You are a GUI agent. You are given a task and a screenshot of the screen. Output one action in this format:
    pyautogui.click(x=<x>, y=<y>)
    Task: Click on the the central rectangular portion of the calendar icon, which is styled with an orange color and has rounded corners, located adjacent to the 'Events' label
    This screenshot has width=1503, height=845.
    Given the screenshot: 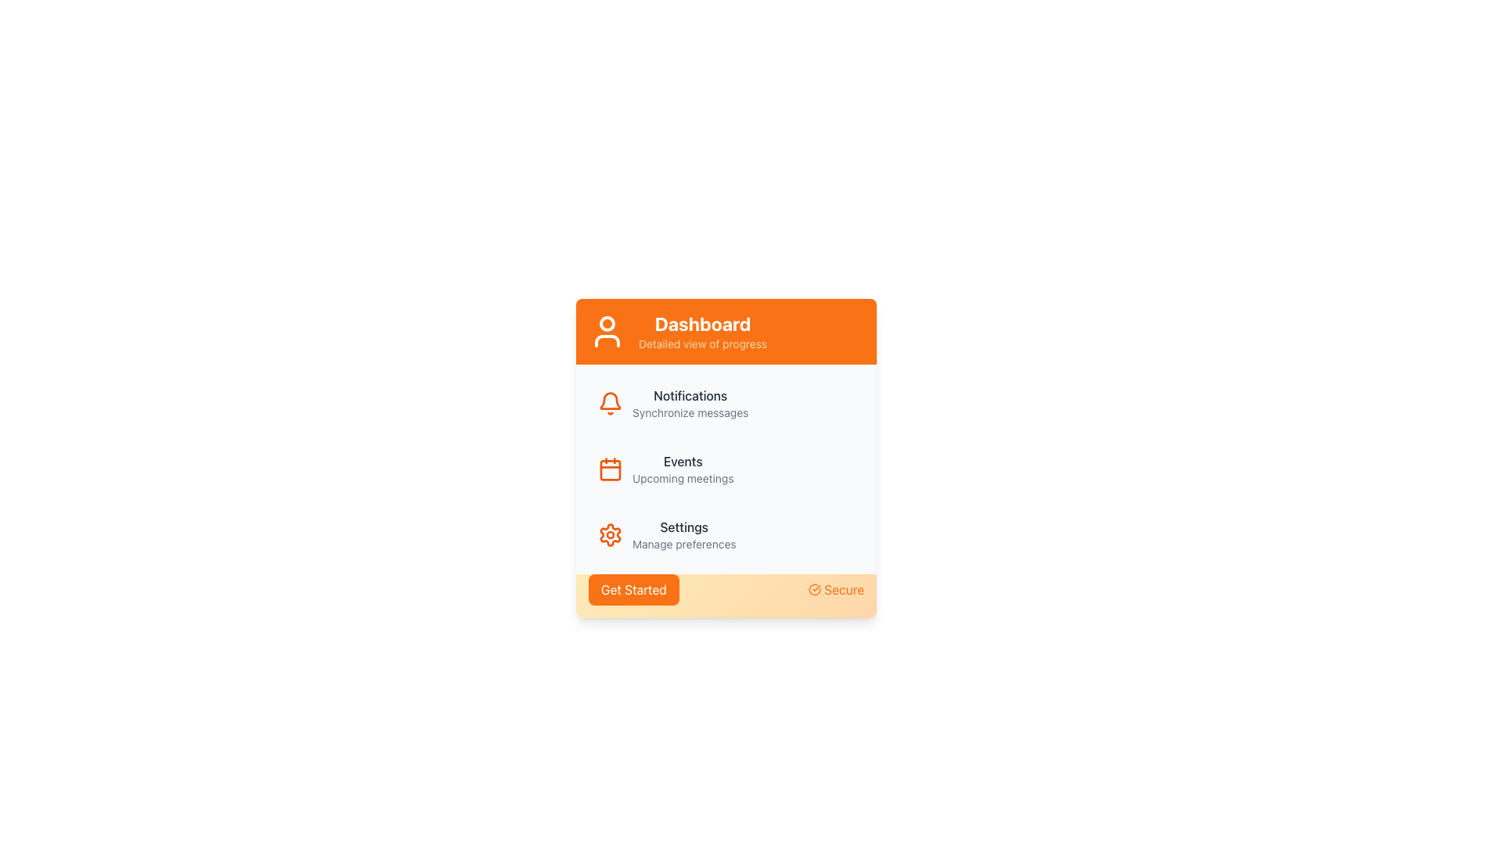 What is the action you would take?
    pyautogui.click(x=609, y=469)
    